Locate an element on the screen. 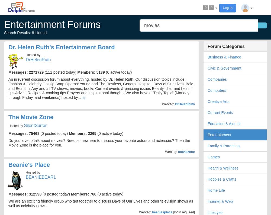 This screenshot has width=271, height=215. '[+]' is located at coordinates (83, 98).